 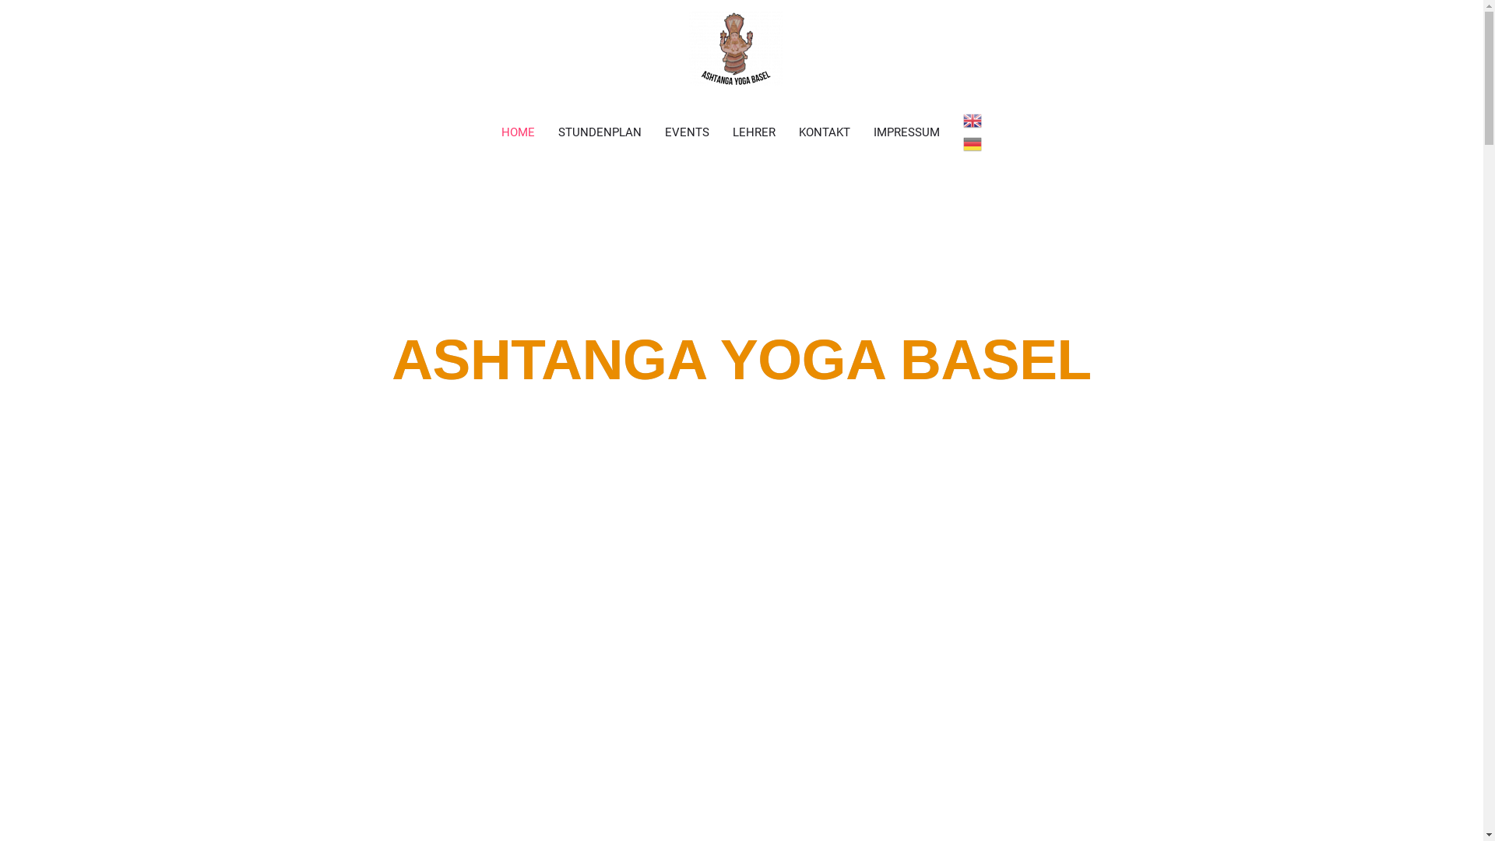 What do you see at coordinates (754, 131) in the screenshot?
I see `'LEHRER'` at bounding box center [754, 131].